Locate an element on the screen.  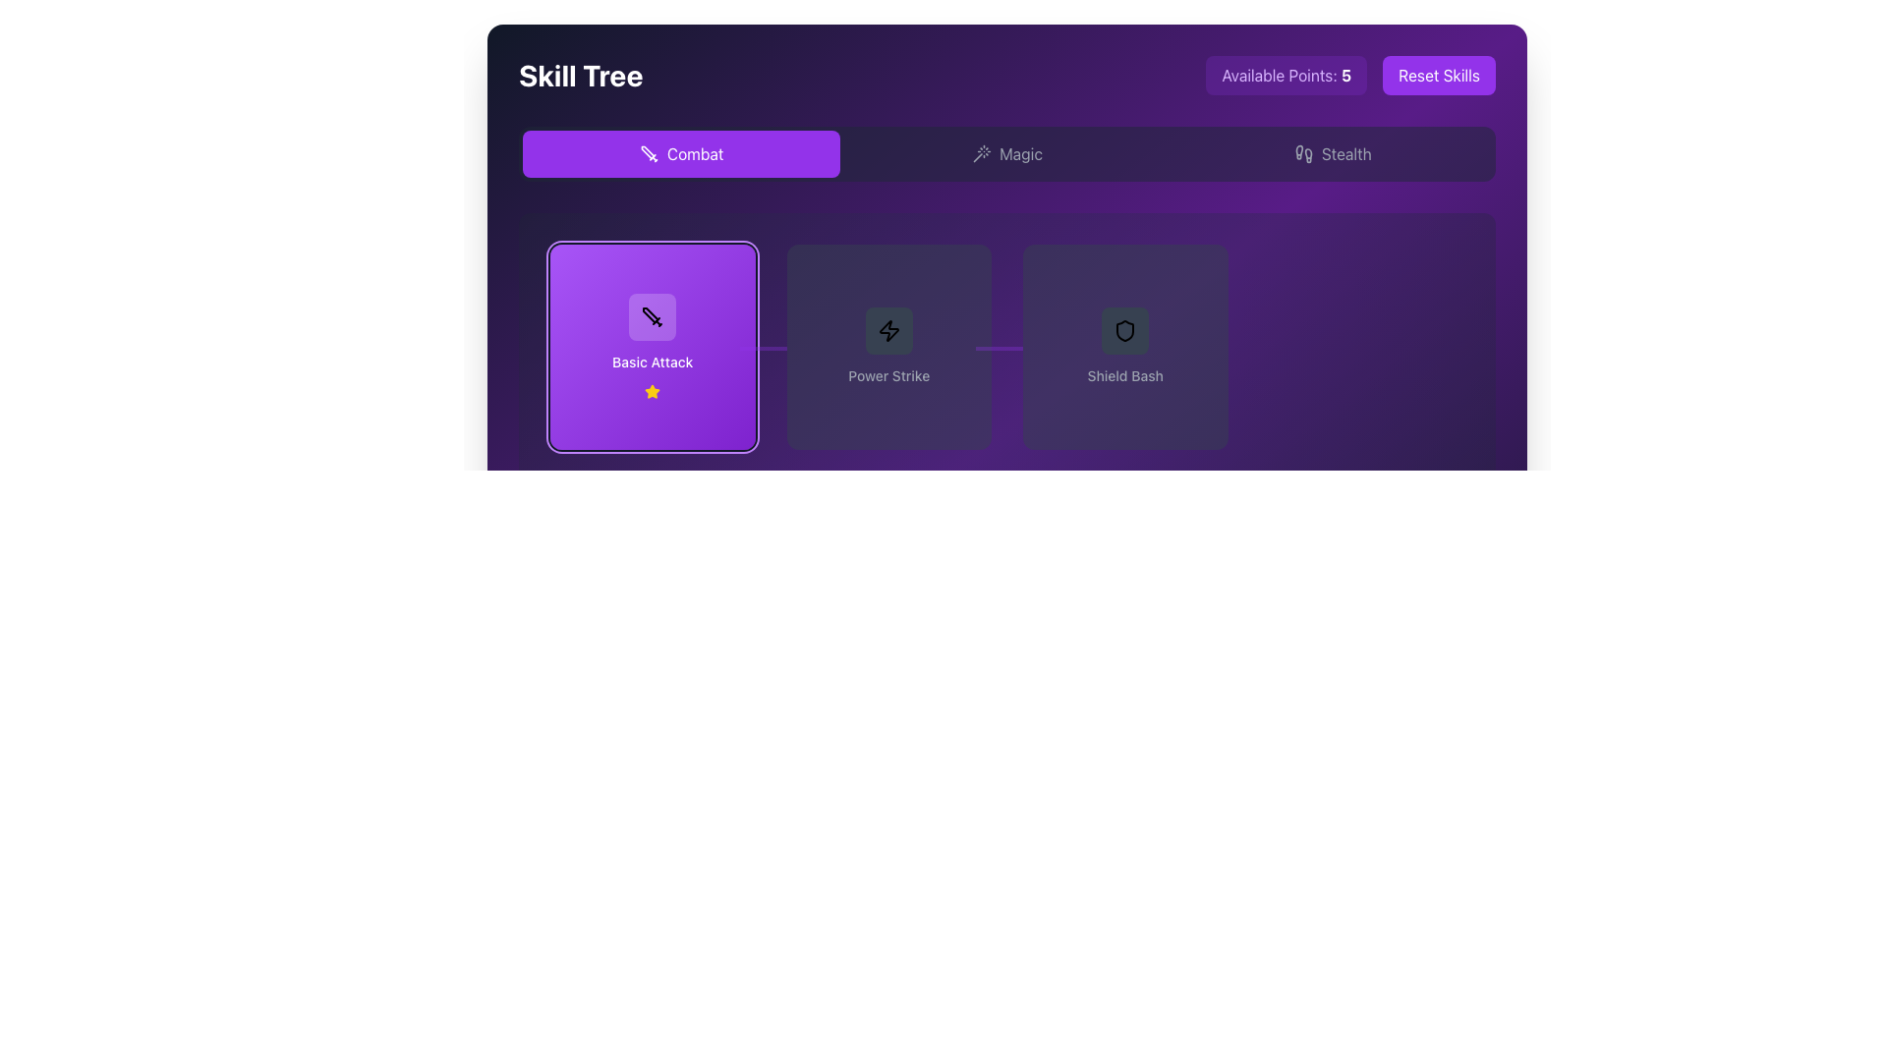
the static text label displaying 'Available Points:' in a light purple font color, located in the top-right corner of the skill tree interface is located at coordinates (1282, 75).